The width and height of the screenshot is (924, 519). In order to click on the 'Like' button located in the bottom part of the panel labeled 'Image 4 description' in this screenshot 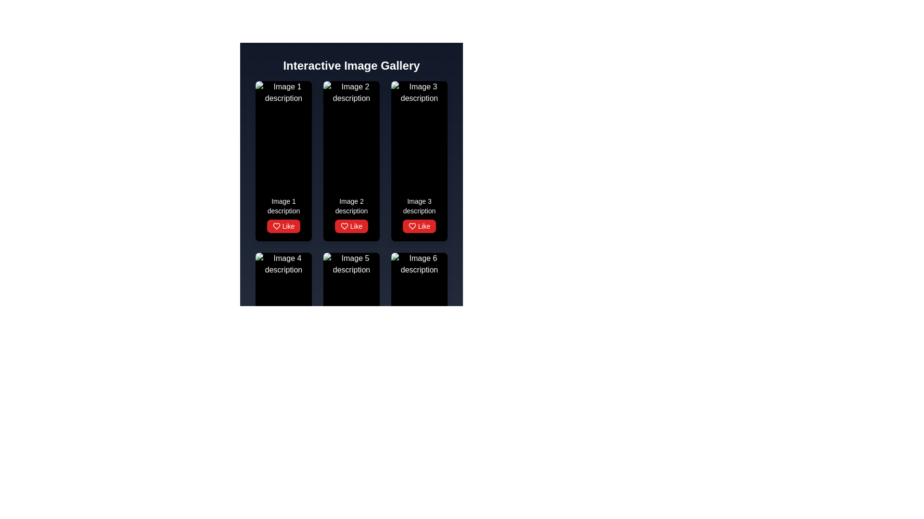, I will do `click(283, 398)`.